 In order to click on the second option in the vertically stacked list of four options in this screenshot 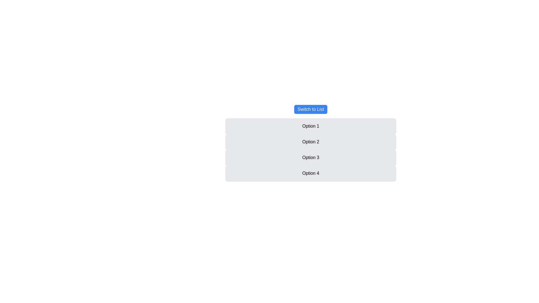, I will do `click(310, 149)`.